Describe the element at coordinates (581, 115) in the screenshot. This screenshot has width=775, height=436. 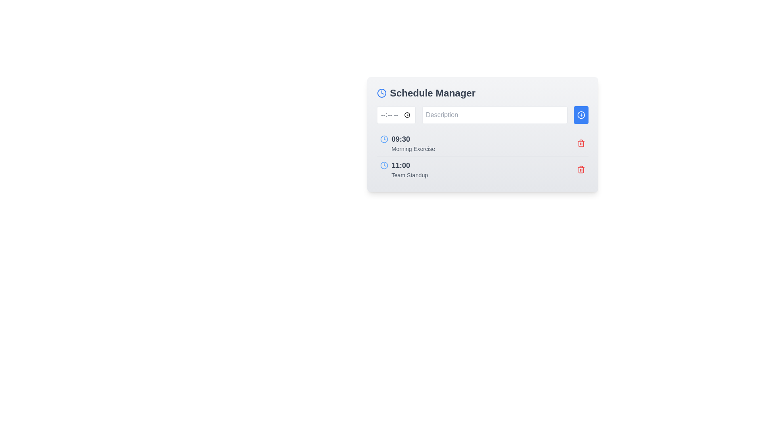
I see `the SVG graphical component within the button located on the right side of the input field` at that location.